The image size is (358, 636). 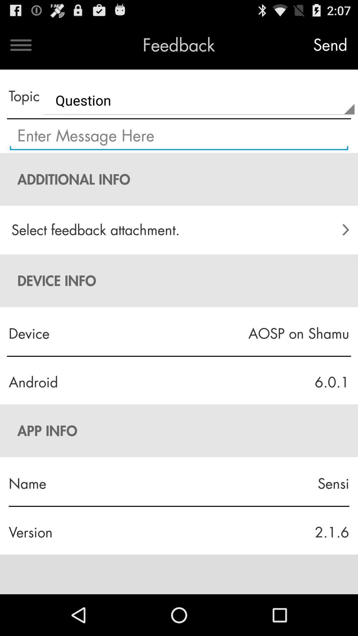 I want to click on main menu, so click(x=20, y=45).